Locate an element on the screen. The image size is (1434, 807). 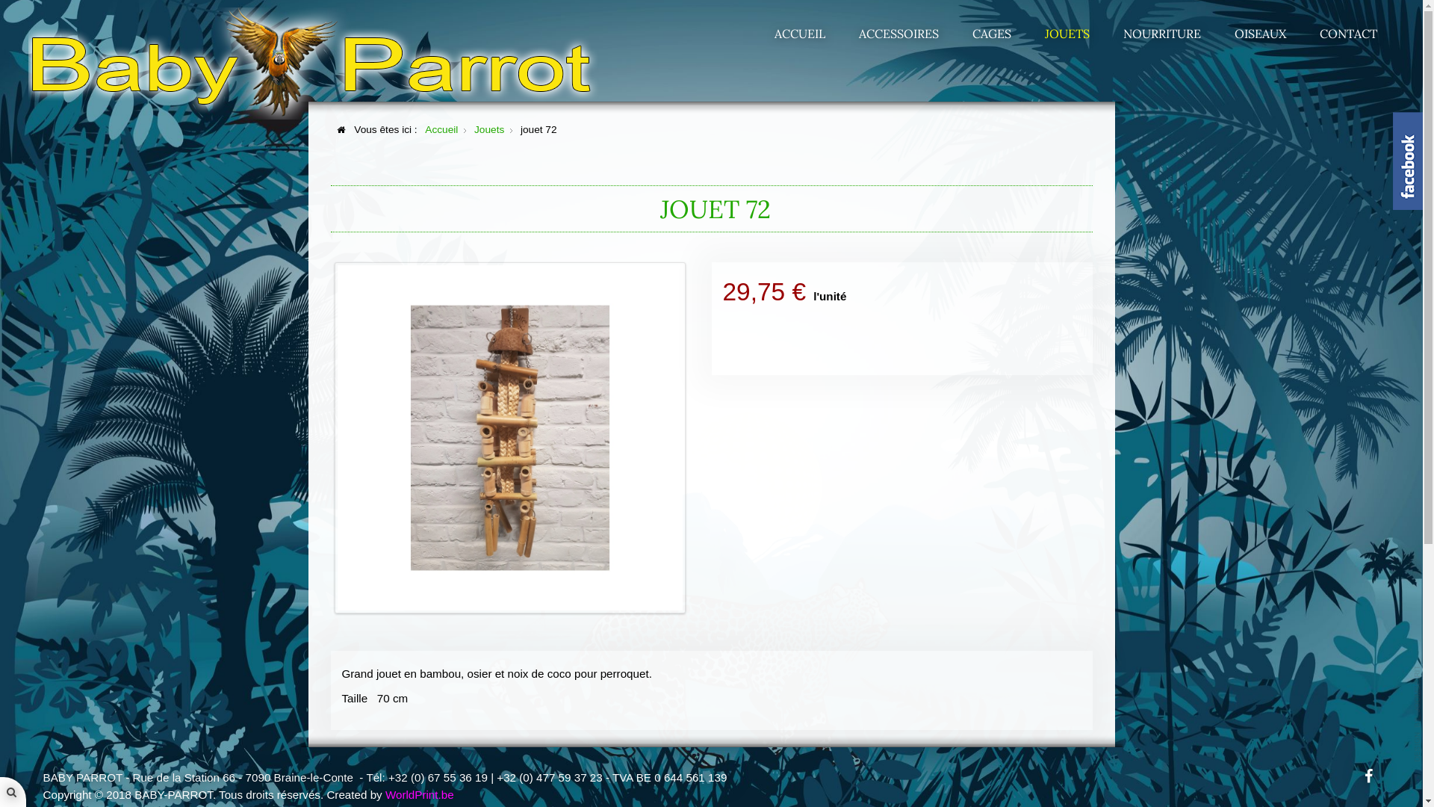
'JOUETS' is located at coordinates (1067, 34).